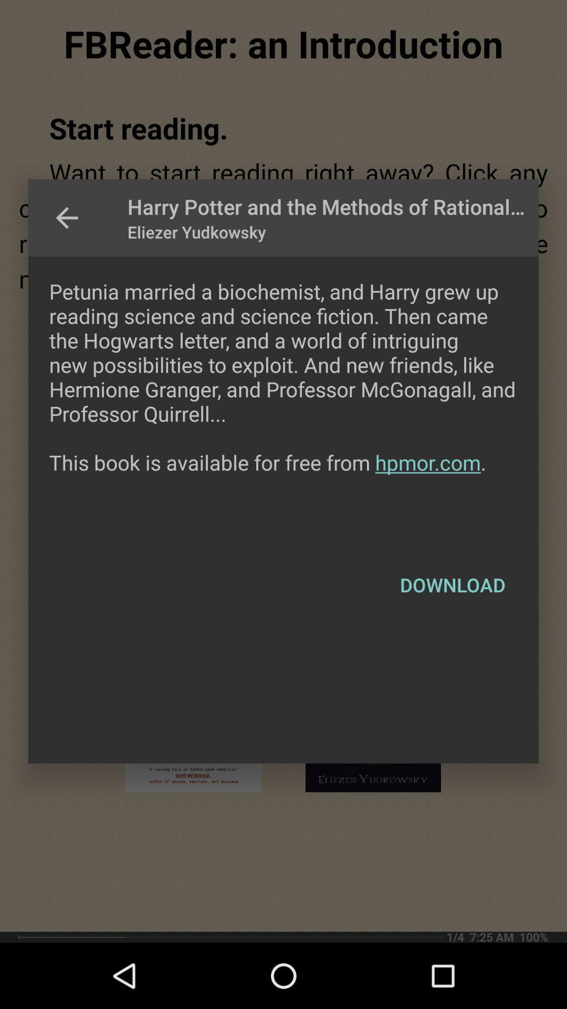 This screenshot has width=567, height=1009. I want to click on the petunia married a, so click(283, 400).